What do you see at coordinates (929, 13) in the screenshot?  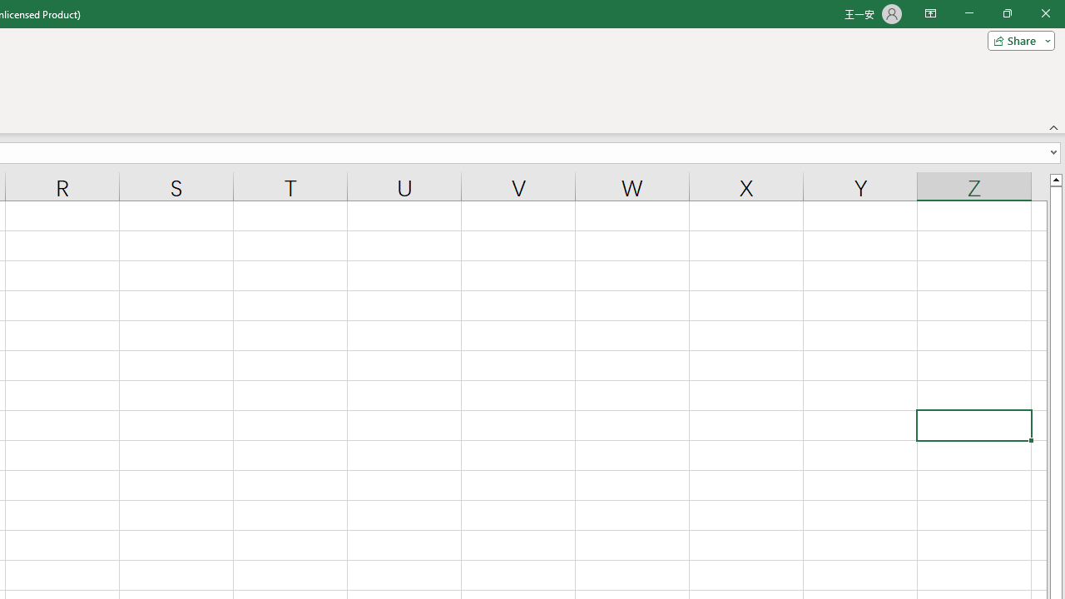 I see `'Ribbon Display Options'` at bounding box center [929, 13].